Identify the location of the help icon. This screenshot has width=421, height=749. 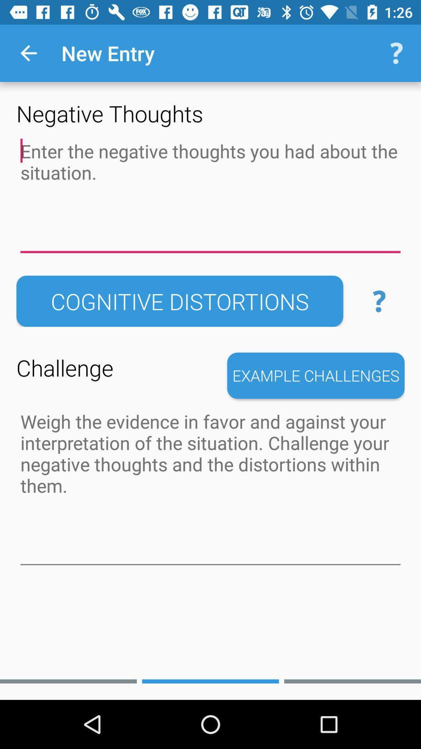
(379, 301).